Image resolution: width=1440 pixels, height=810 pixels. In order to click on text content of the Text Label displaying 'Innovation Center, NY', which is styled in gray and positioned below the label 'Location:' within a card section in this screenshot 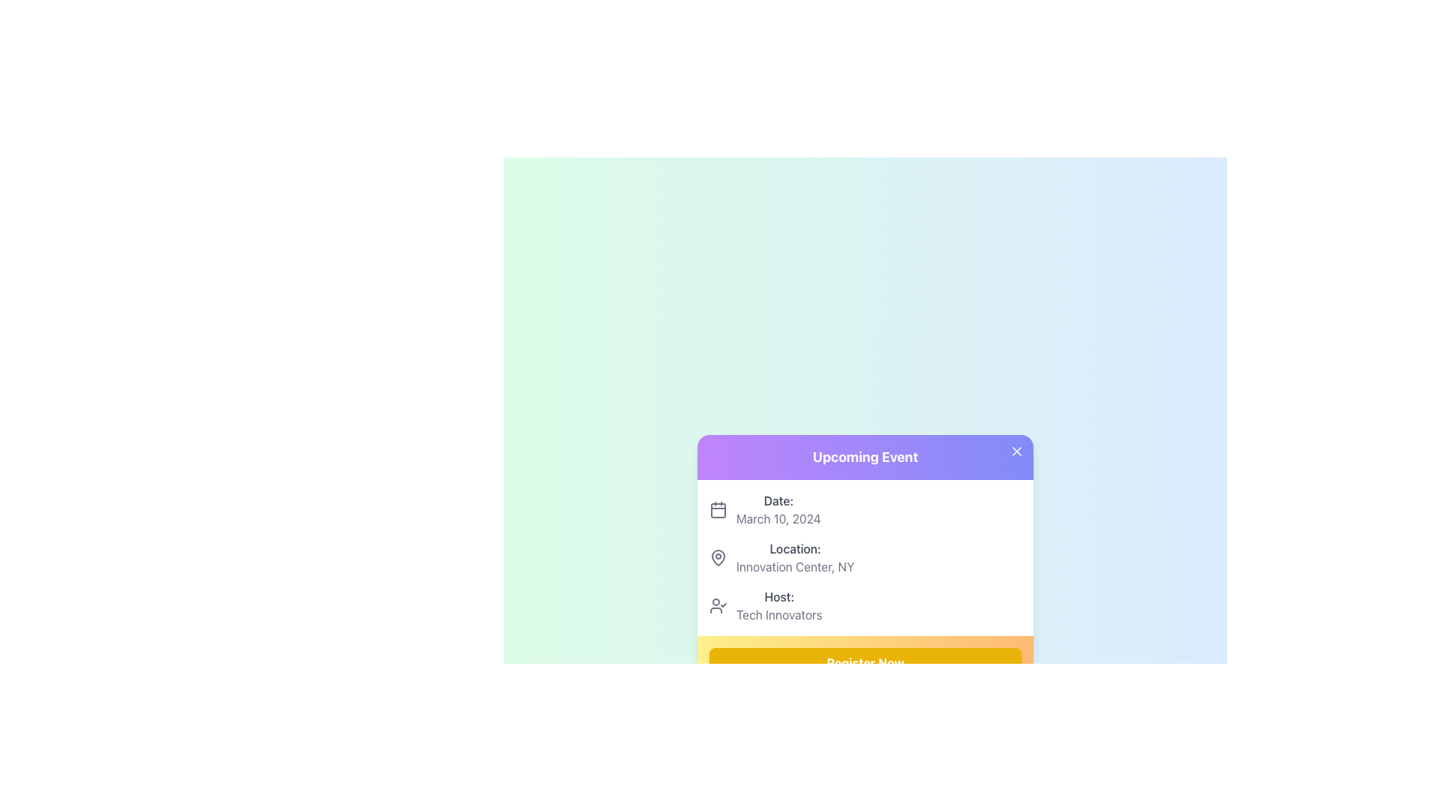, I will do `click(794, 567)`.